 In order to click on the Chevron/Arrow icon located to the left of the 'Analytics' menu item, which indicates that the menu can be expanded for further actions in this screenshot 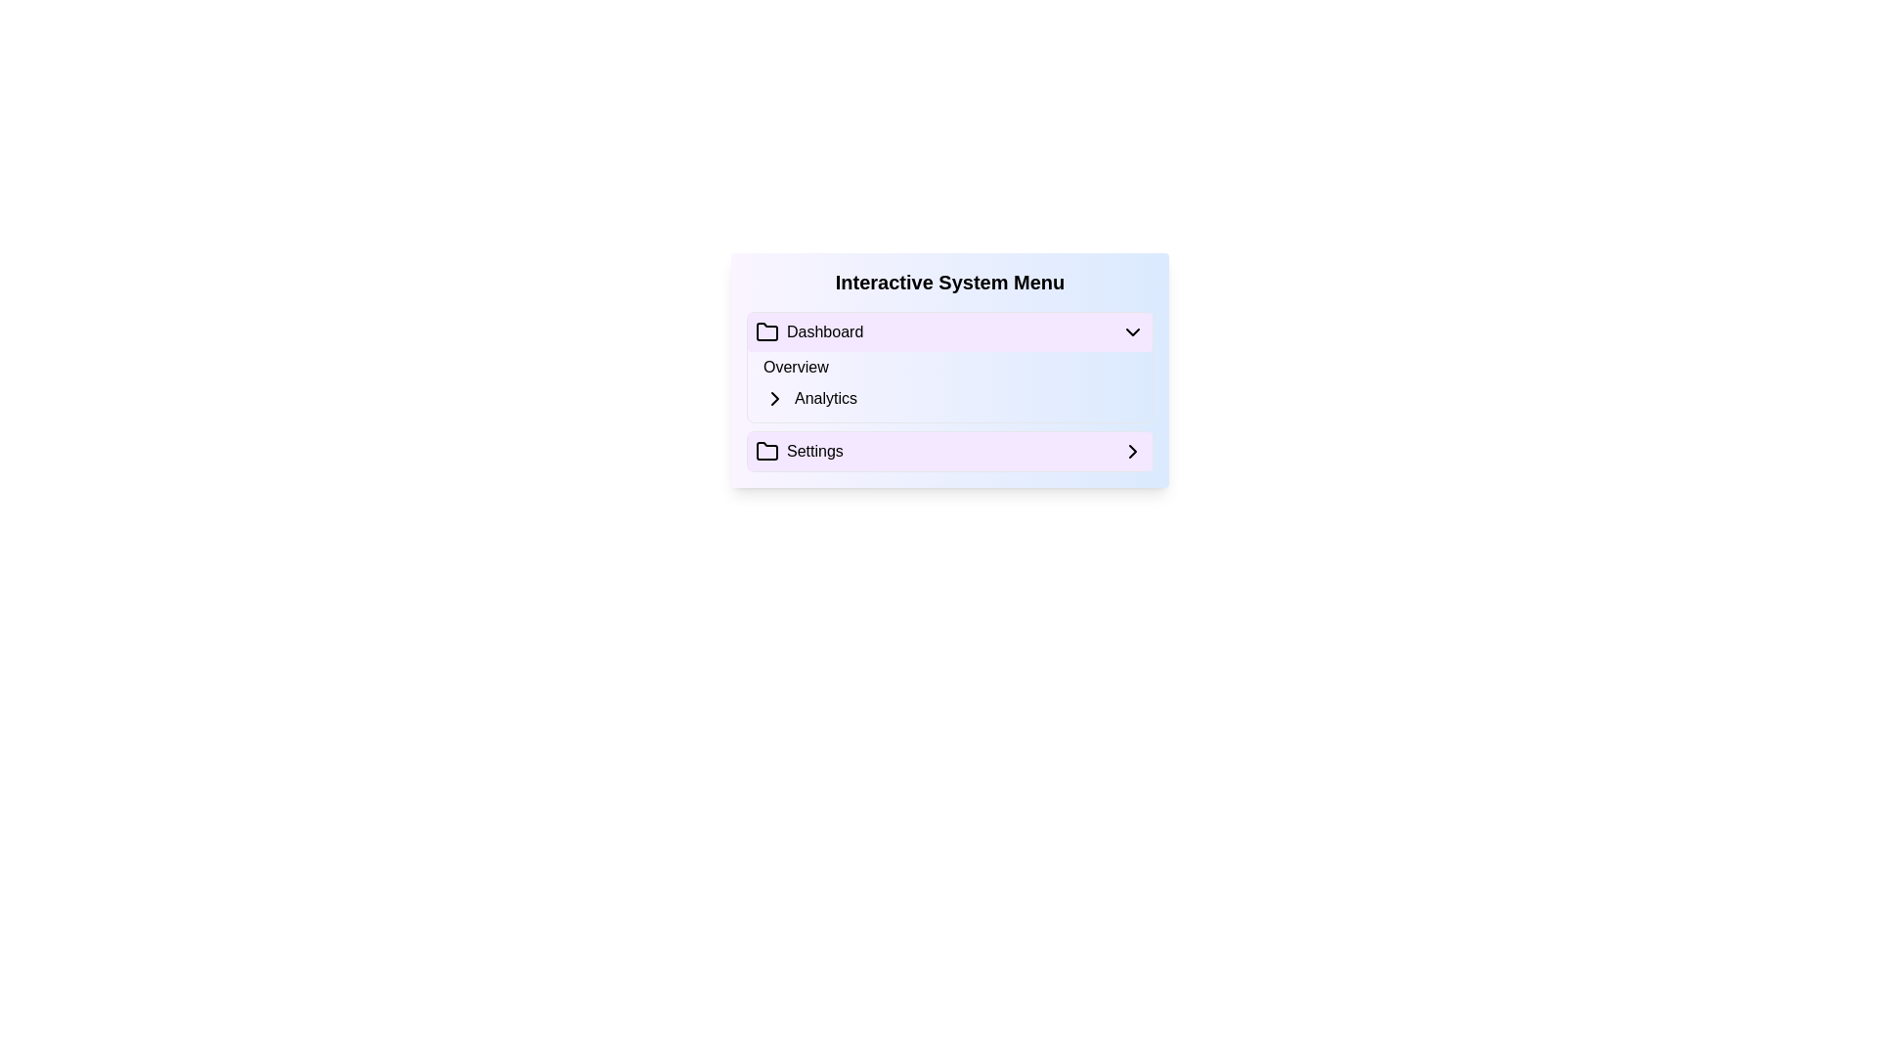, I will do `click(773, 398)`.